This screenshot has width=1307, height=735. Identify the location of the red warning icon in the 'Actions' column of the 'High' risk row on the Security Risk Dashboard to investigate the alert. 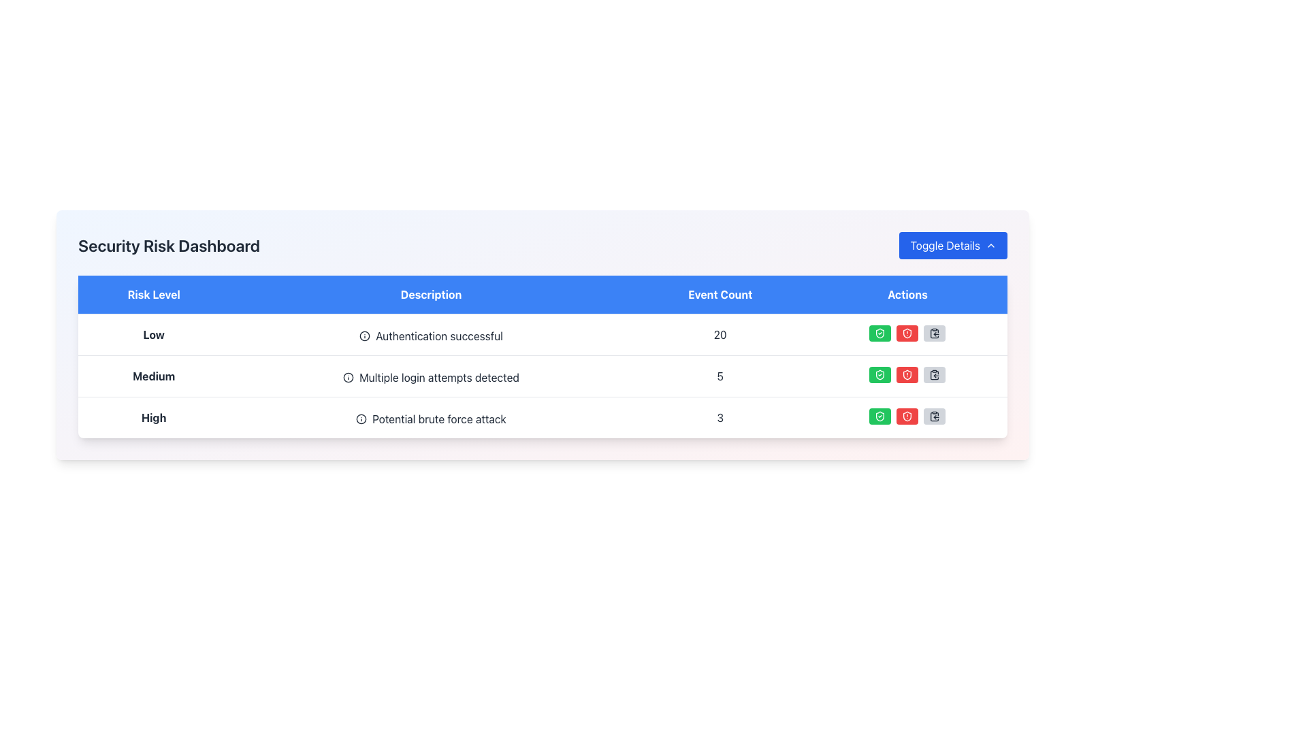
(907, 333).